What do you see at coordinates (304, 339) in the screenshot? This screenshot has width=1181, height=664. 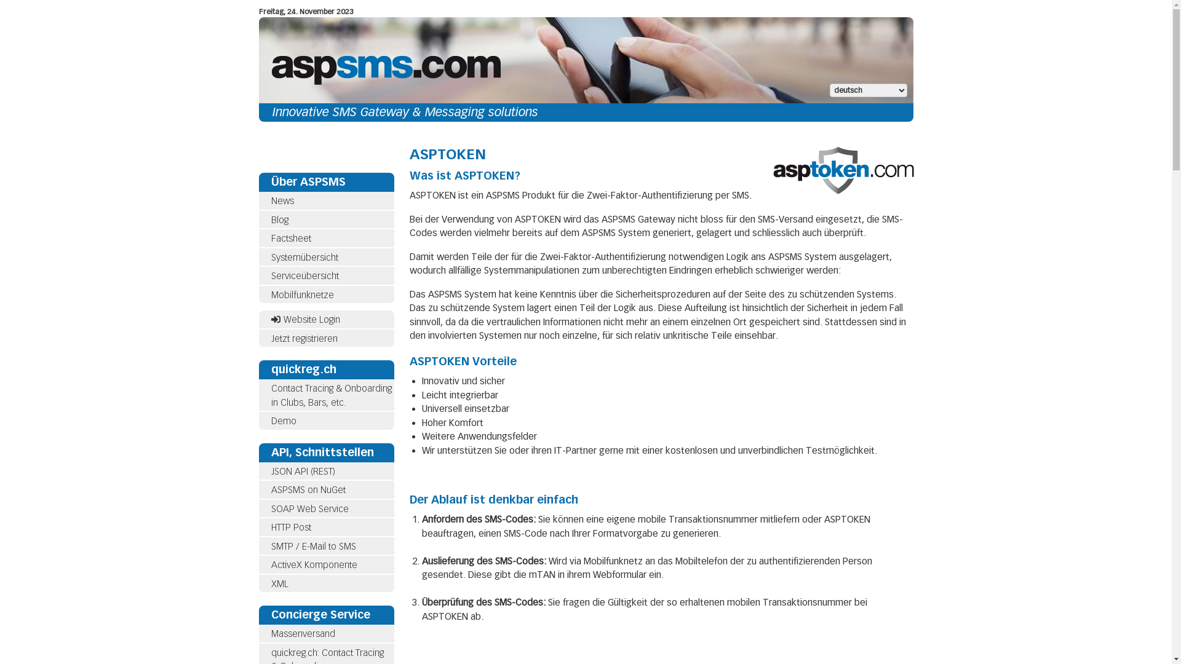 I see `'Jetzt registrieren'` at bounding box center [304, 339].